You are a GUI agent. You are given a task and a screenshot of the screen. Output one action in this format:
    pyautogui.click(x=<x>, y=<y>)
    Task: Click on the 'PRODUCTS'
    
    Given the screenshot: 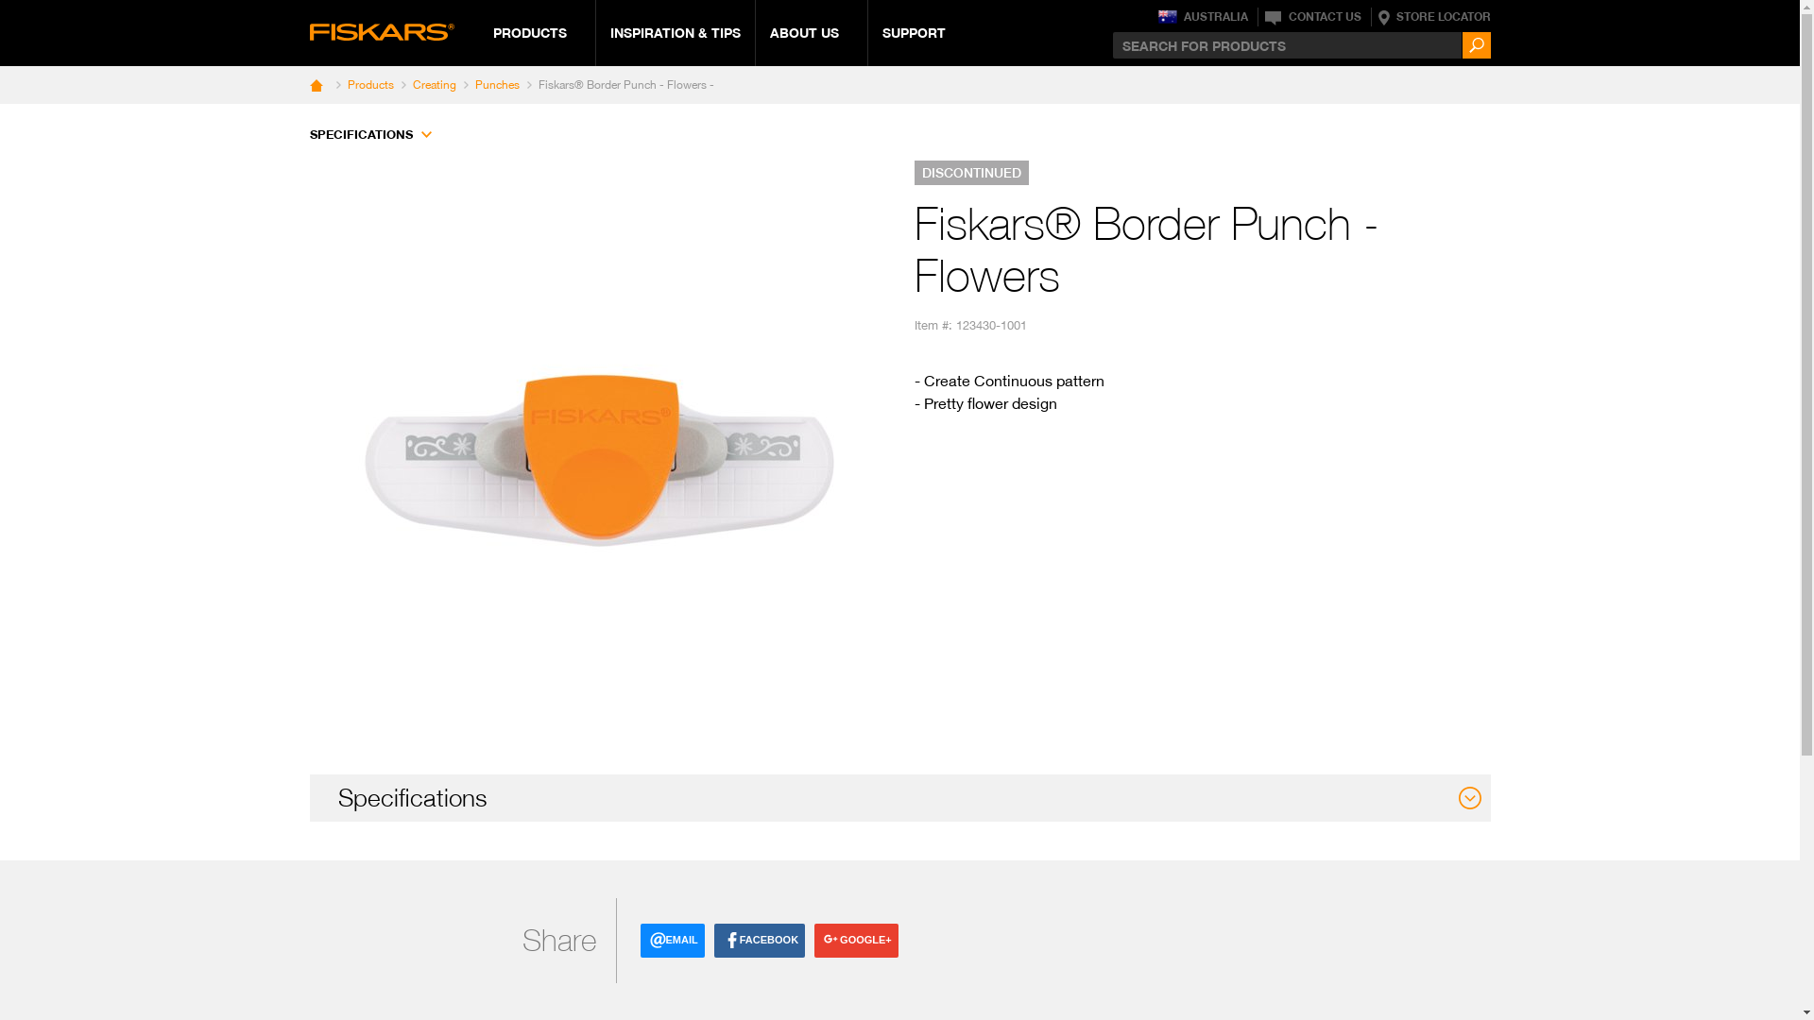 What is the action you would take?
    pyautogui.click(x=529, y=32)
    